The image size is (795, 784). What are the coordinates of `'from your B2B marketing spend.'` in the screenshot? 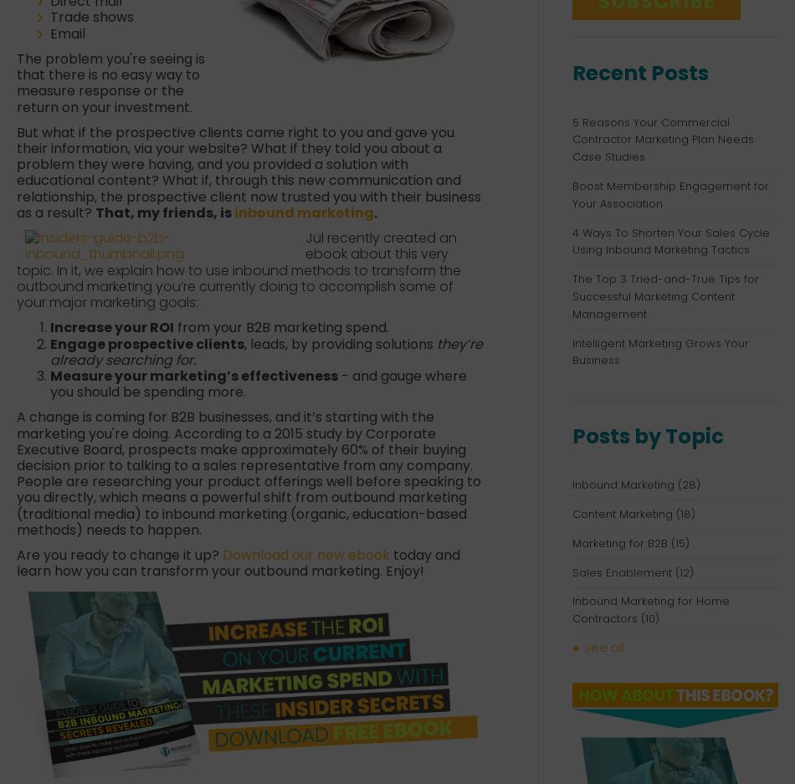 It's located at (280, 326).